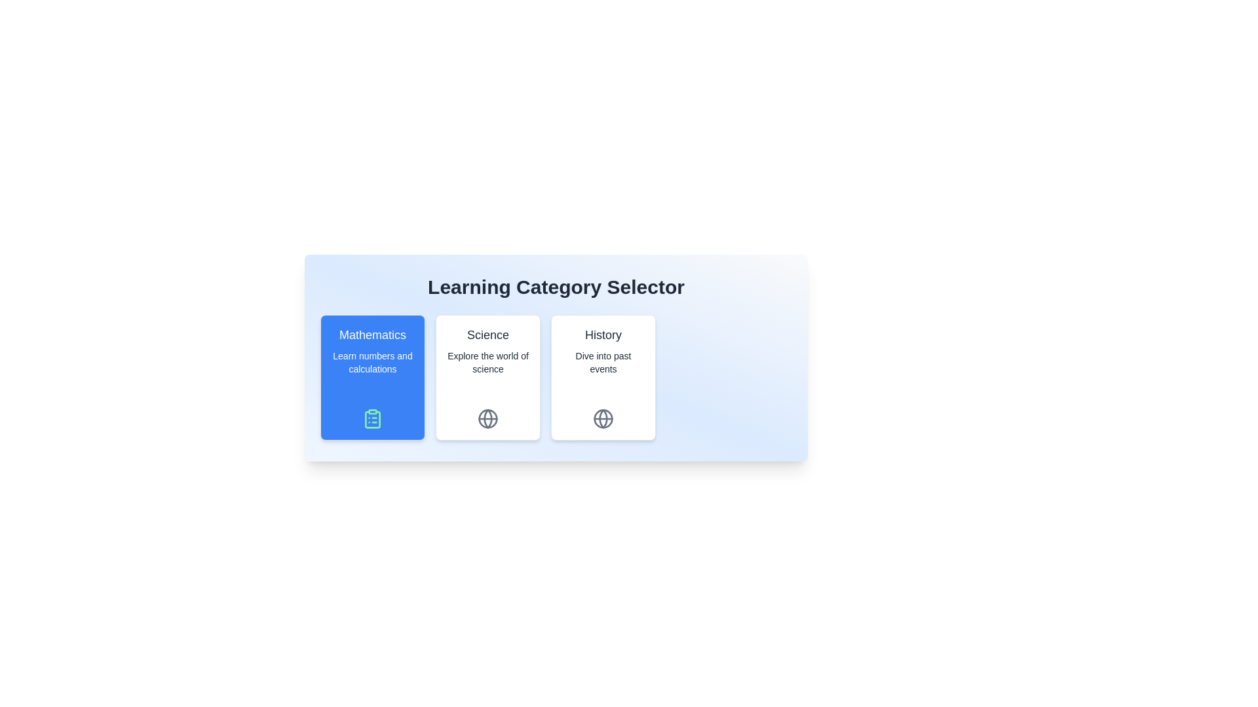 This screenshot has width=1258, height=707. Describe the element at coordinates (372, 378) in the screenshot. I see `the chip corresponding to Mathematics` at that location.